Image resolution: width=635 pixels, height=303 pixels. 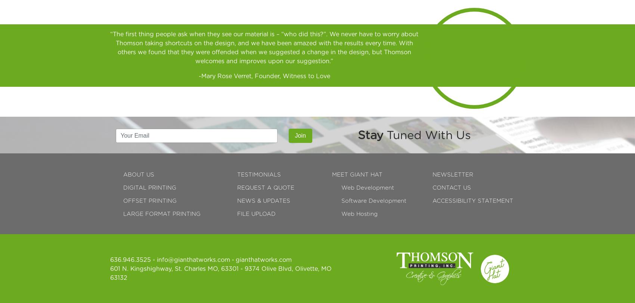 I want to click on '“The first thing people ask when they see our material is – “who did this?”. We never have to worry about Thomson taking shortcuts on the design, and we have been amazed with the results every time. With others we found that they were offended when we suggested a change in the design, but Thomson welcomes and improves upon our suggestion.”', so click(x=110, y=48).